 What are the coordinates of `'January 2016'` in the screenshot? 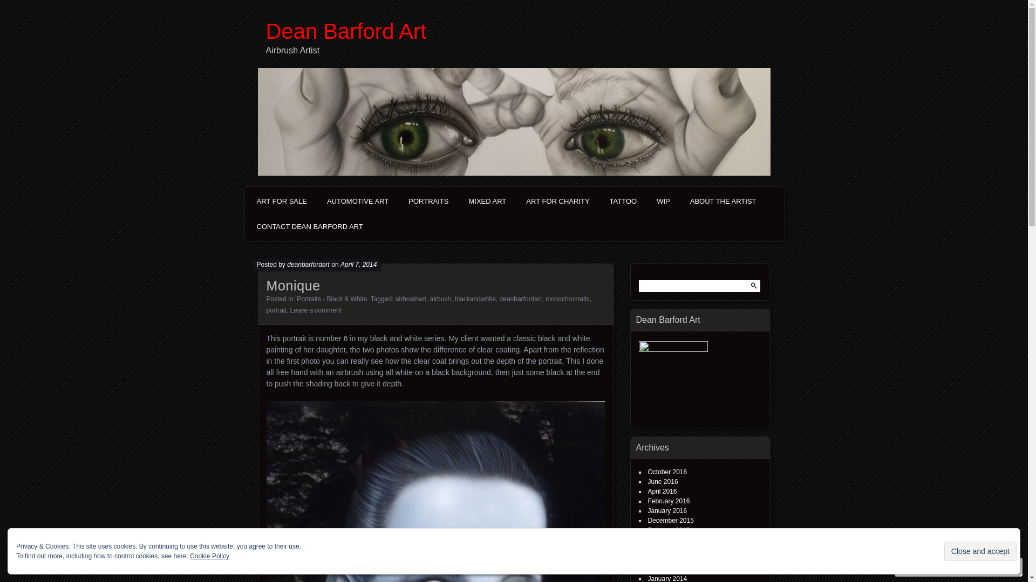 It's located at (666, 510).